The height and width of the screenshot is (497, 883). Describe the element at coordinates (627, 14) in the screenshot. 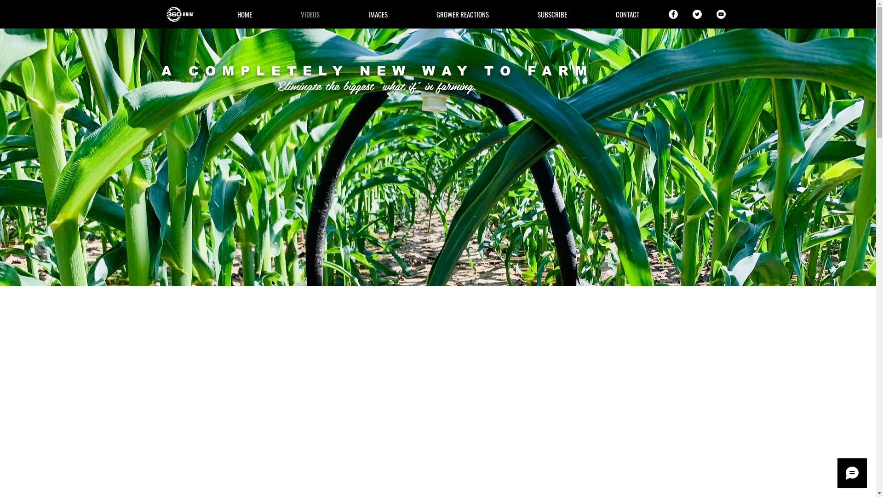

I see `'CONTACT'` at that location.